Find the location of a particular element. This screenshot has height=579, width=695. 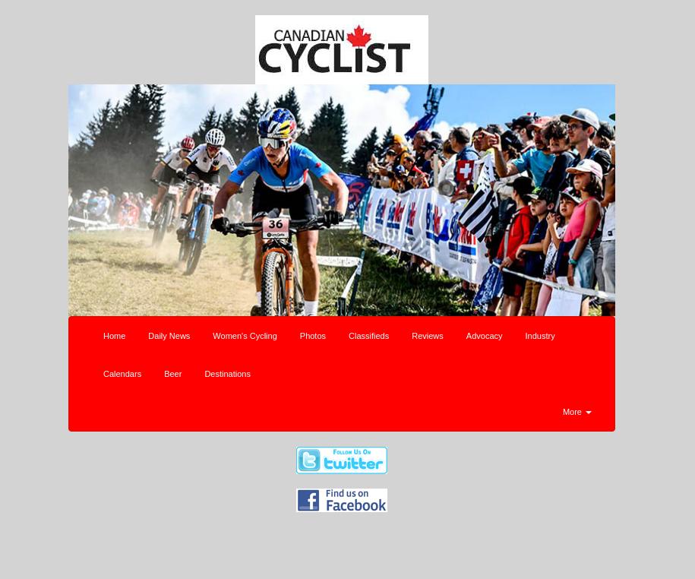

'Destinations' is located at coordinates (226, 373).